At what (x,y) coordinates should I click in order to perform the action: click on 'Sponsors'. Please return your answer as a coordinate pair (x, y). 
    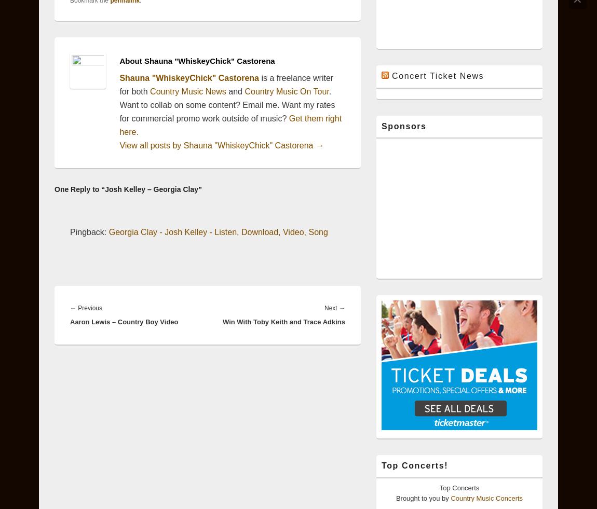
    Looking at the image, I should click on (403, 125).